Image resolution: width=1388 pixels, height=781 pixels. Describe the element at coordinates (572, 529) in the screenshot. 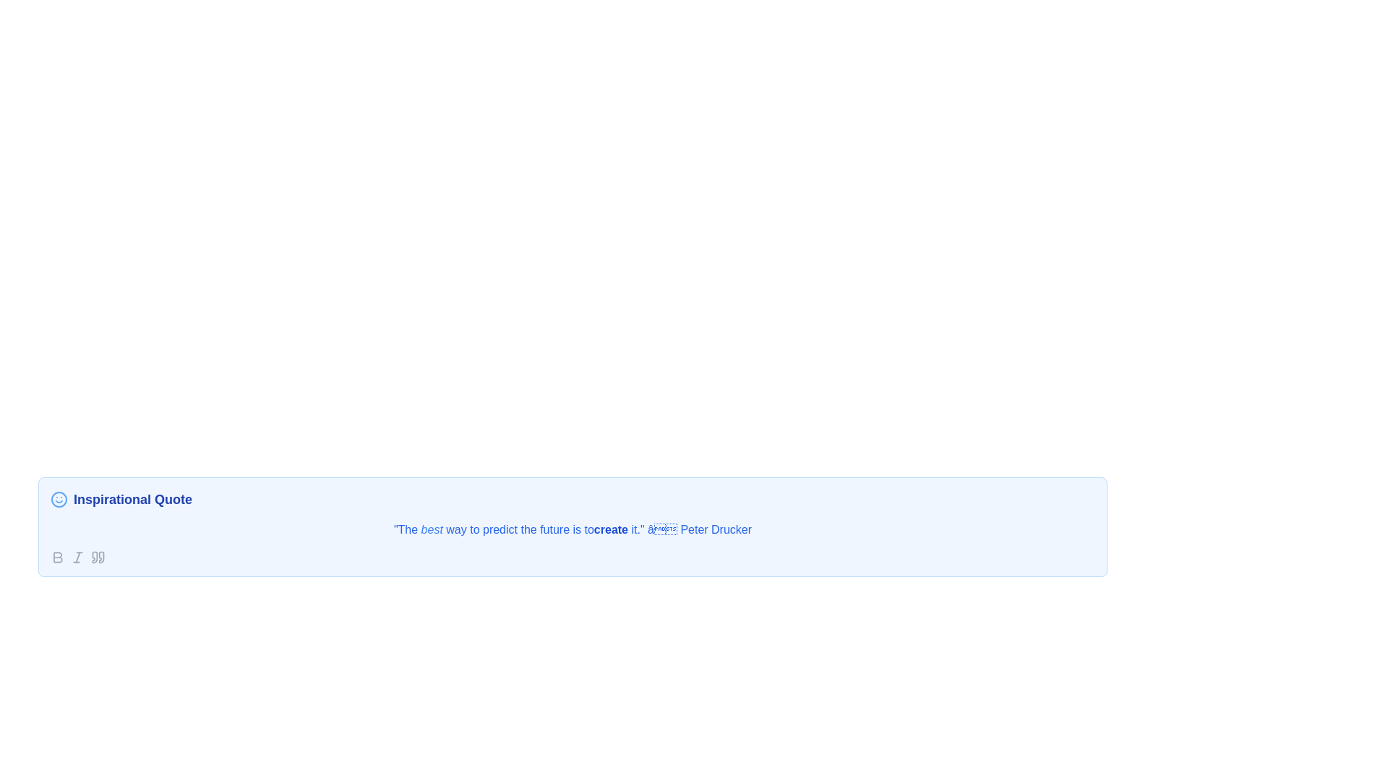

I see `quote text styled in blue color that states: 'The best way to predict the future is to create it.' – Peter Drucker, located in the blue-themed card below the header 'Inspirational Quote'` at that location.